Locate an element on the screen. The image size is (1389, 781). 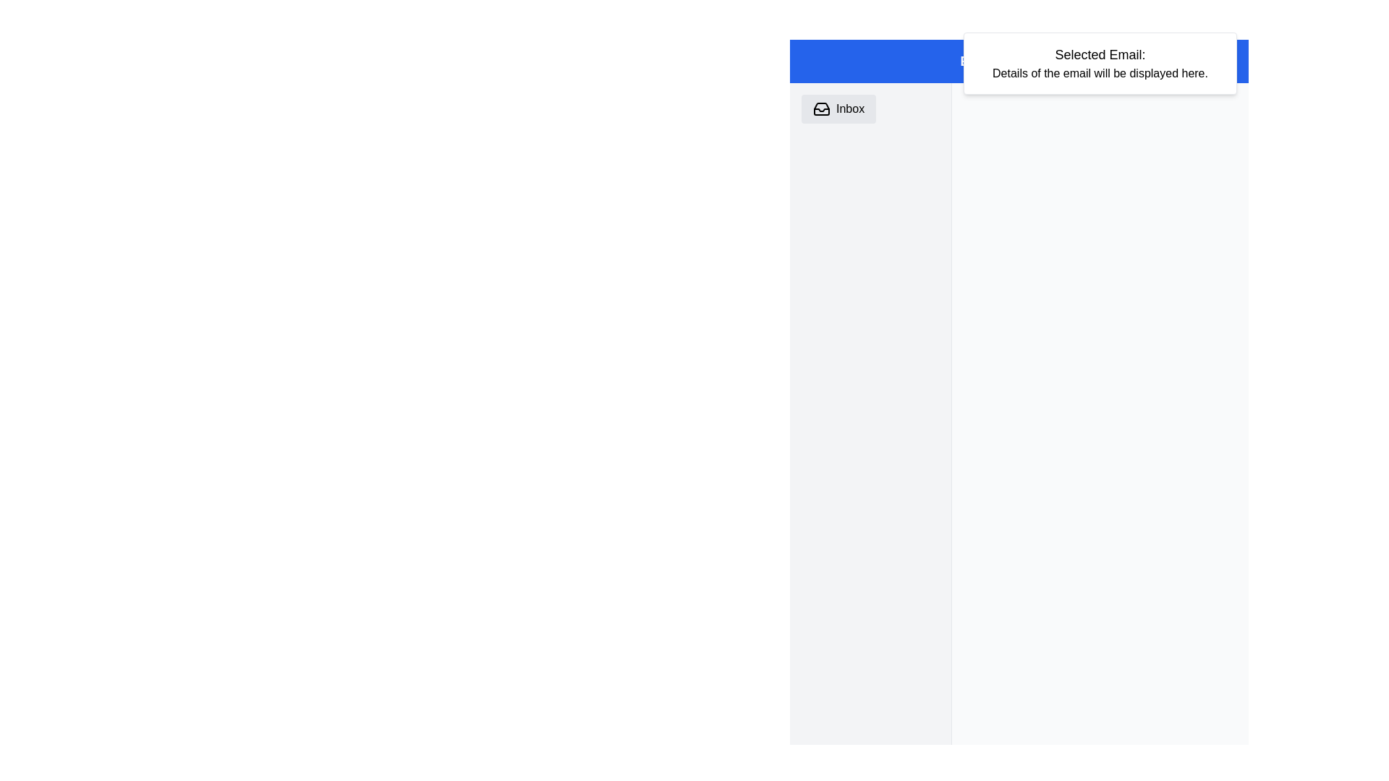
the stylized mailbox icon located to the left of the 'Inbox' label in the sidebar is located at coordinates (822, 108).